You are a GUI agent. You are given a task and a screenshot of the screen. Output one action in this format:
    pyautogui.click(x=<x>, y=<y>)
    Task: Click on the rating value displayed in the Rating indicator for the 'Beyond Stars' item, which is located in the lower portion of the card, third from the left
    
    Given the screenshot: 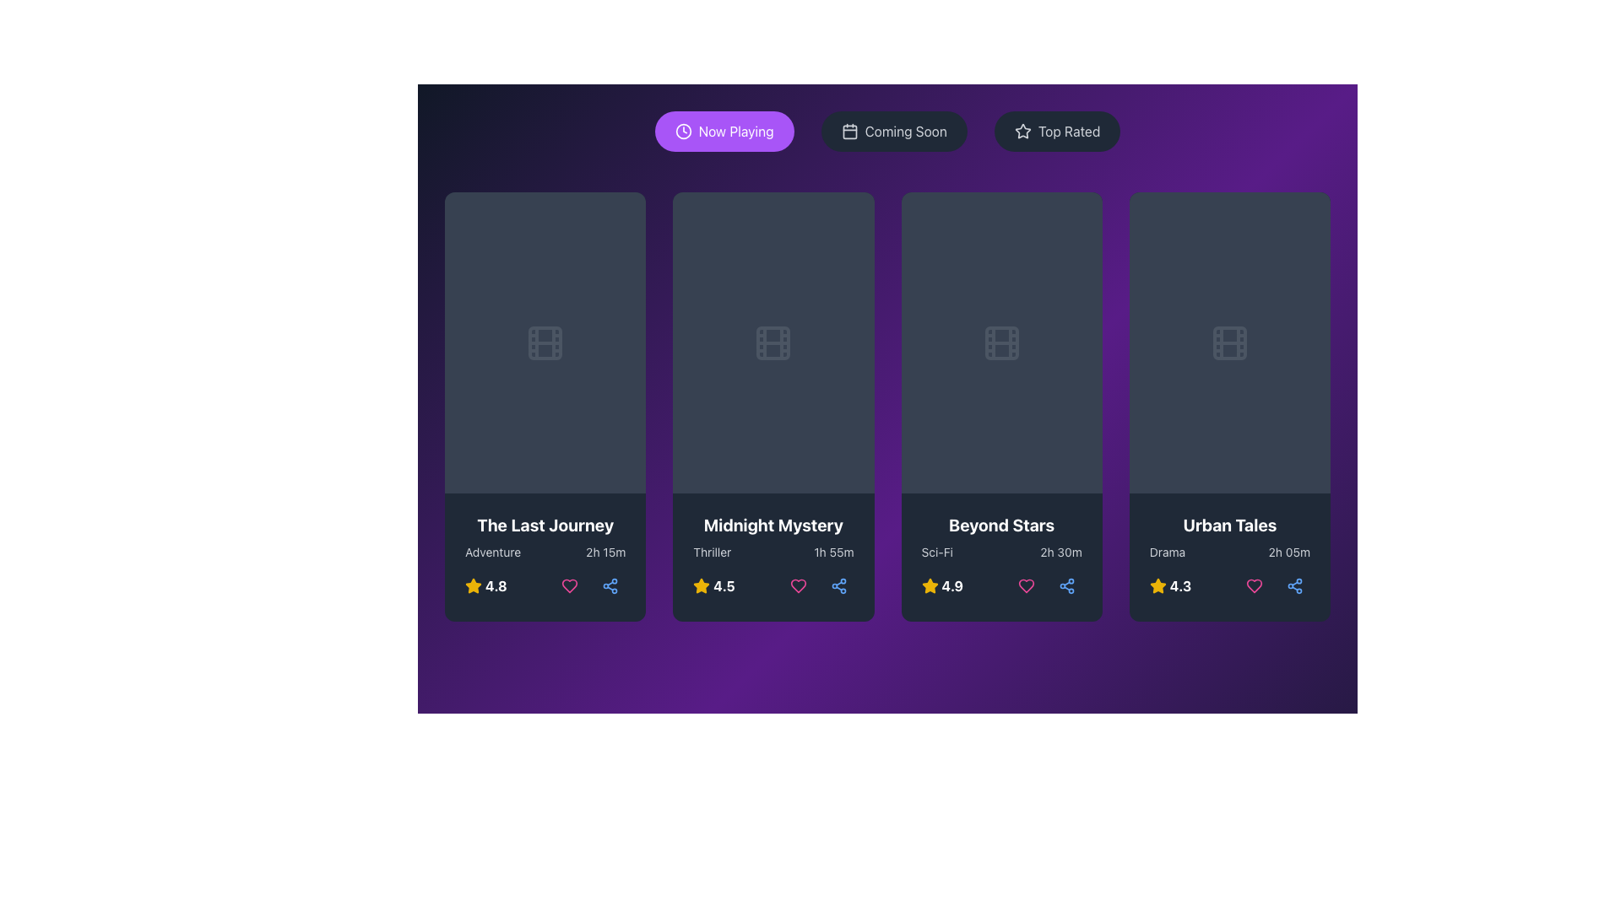 What is the action you would take?
    pyautogui.click(x=941, y=585)
    